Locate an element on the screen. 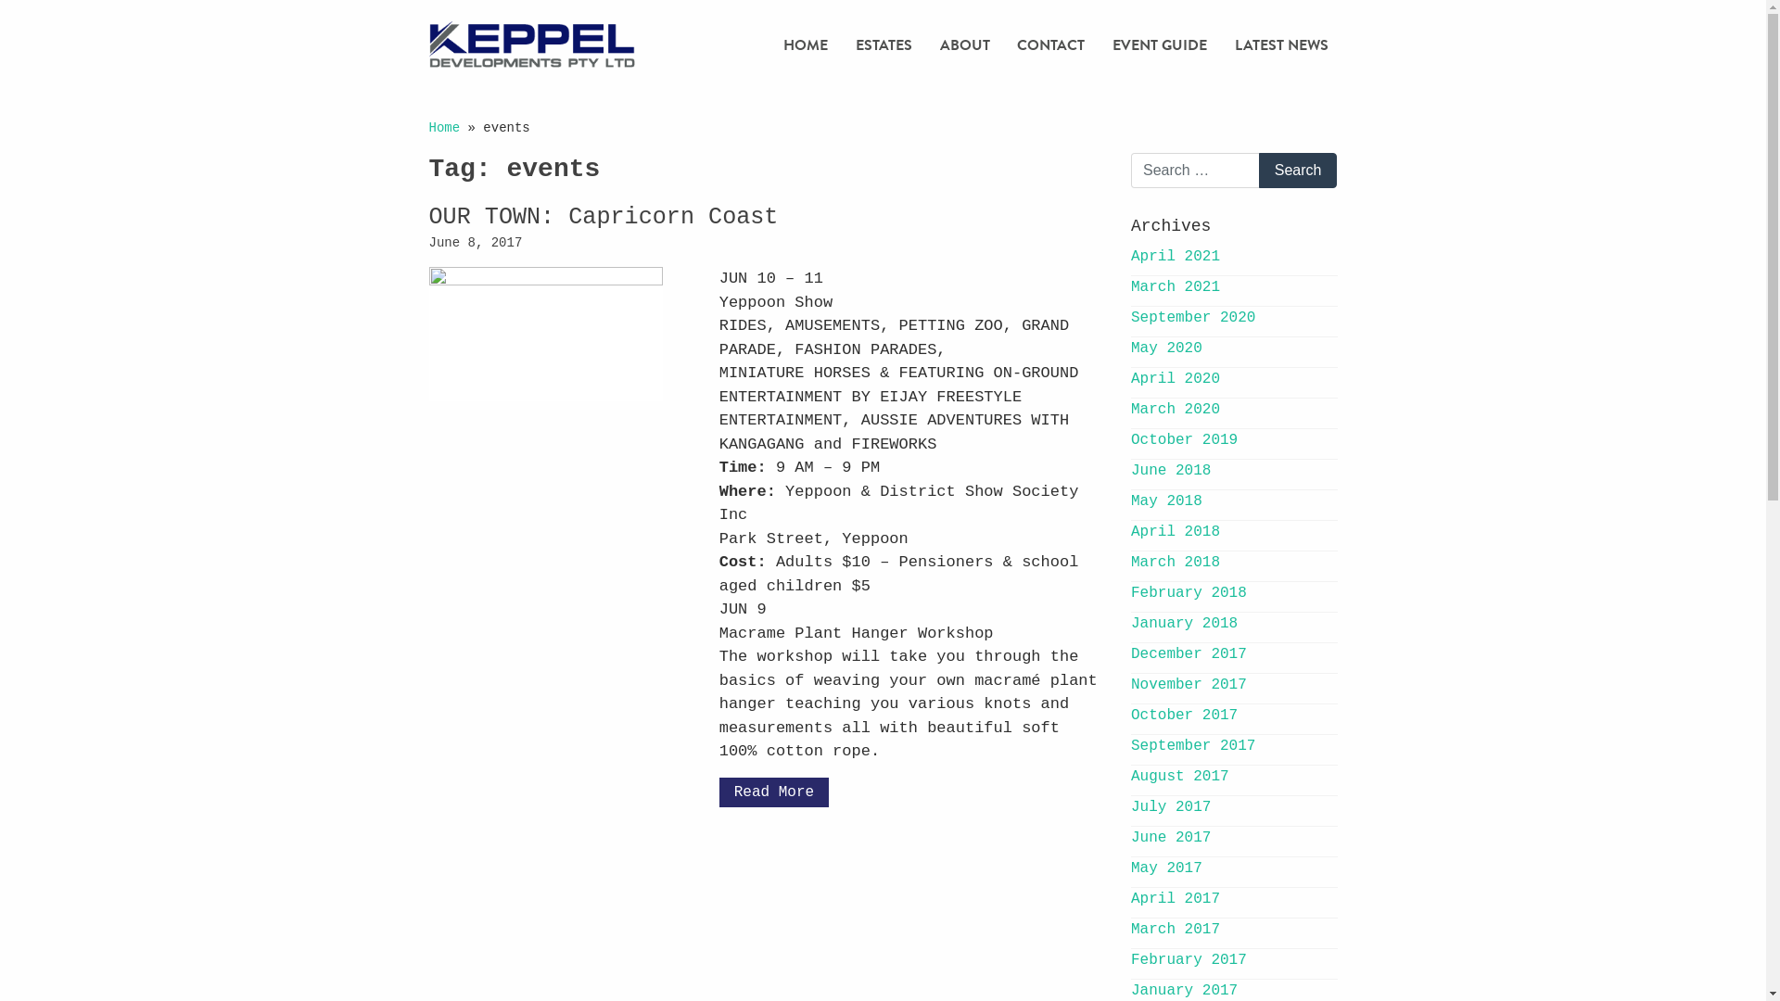 The height and width of the screenshot is (1001, 1780). 'May 2020' is located at coordinates (1165, 348).